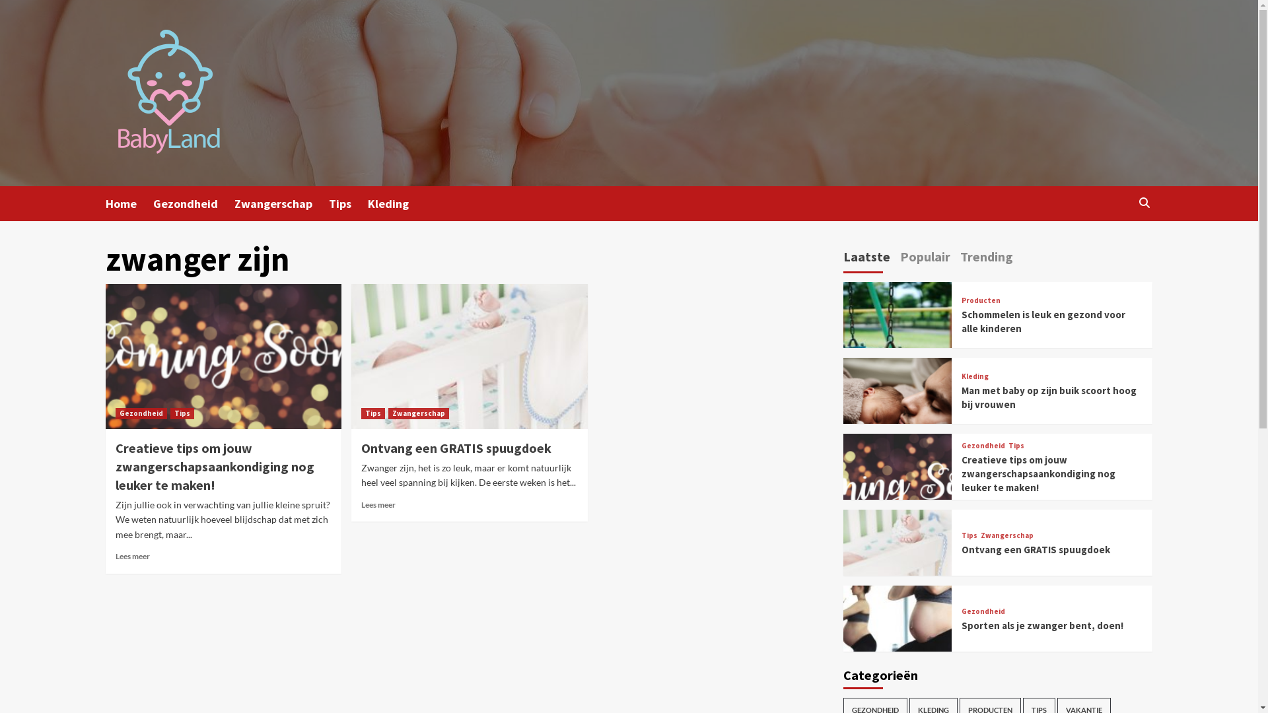 The image size is (1268, 713). I want to click on 'Home', so click(104, 203).